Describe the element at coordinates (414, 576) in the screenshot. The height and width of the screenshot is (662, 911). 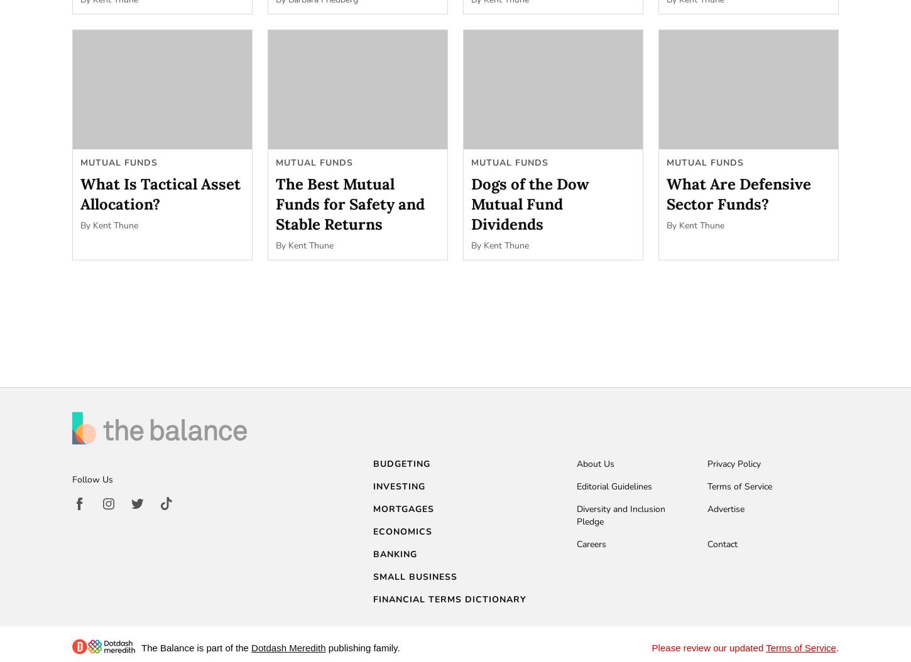
I see `'Small Business'` at that location.